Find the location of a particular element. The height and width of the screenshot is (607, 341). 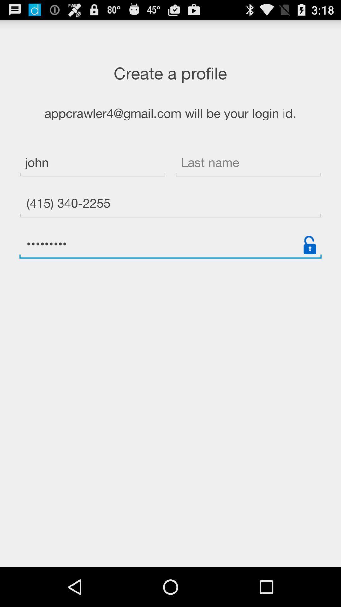

the icon on the right is located at coordinates (309, 245).